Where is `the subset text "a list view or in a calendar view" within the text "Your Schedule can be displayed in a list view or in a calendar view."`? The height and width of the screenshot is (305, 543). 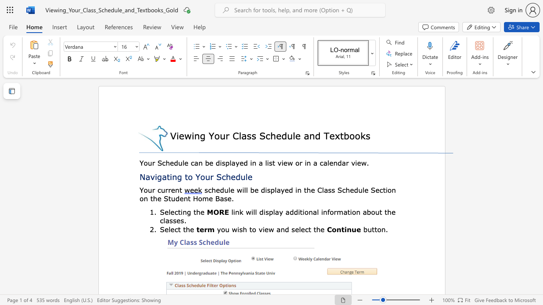 the subset text "a list view or in a calendar view" within the text "Your Schedule can be displayed in a list view or in a calendar view." is located at coordinates (258, 163).